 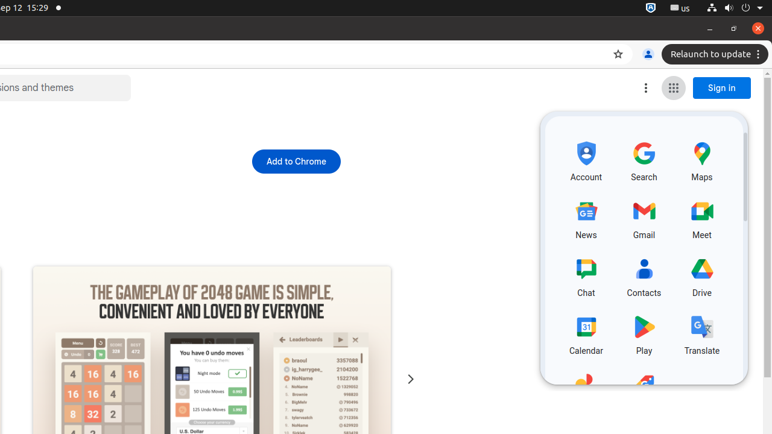 I want to click on 'Contacts, row 3 of 5 and column 2 of 3 in the first section (opens a new tab)', so click(x=644, y=275).